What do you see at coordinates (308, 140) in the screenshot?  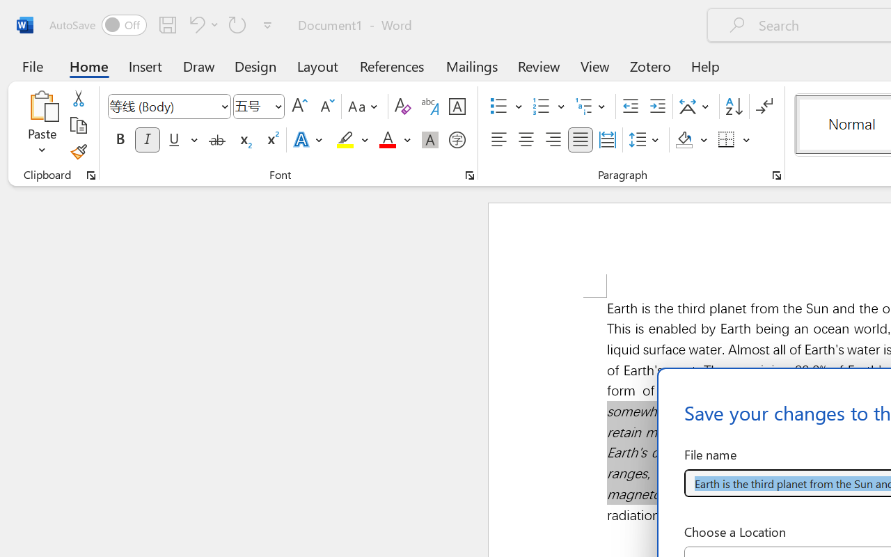 I see `'Text Effects and Typography'` at bounding box center [308, 140].